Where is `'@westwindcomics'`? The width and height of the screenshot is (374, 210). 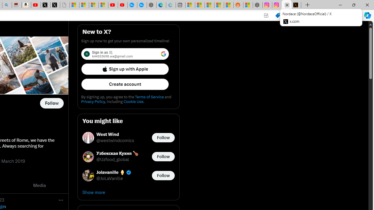
'@westwindcomics' is located at coordinates (115, 141).